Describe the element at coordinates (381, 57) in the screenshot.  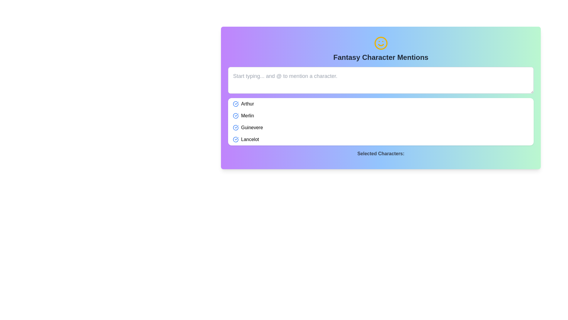
I see `the text label that provides context for the functionality or content beneath it, located below a yellow smiley-face icon and above an input field` at that location.